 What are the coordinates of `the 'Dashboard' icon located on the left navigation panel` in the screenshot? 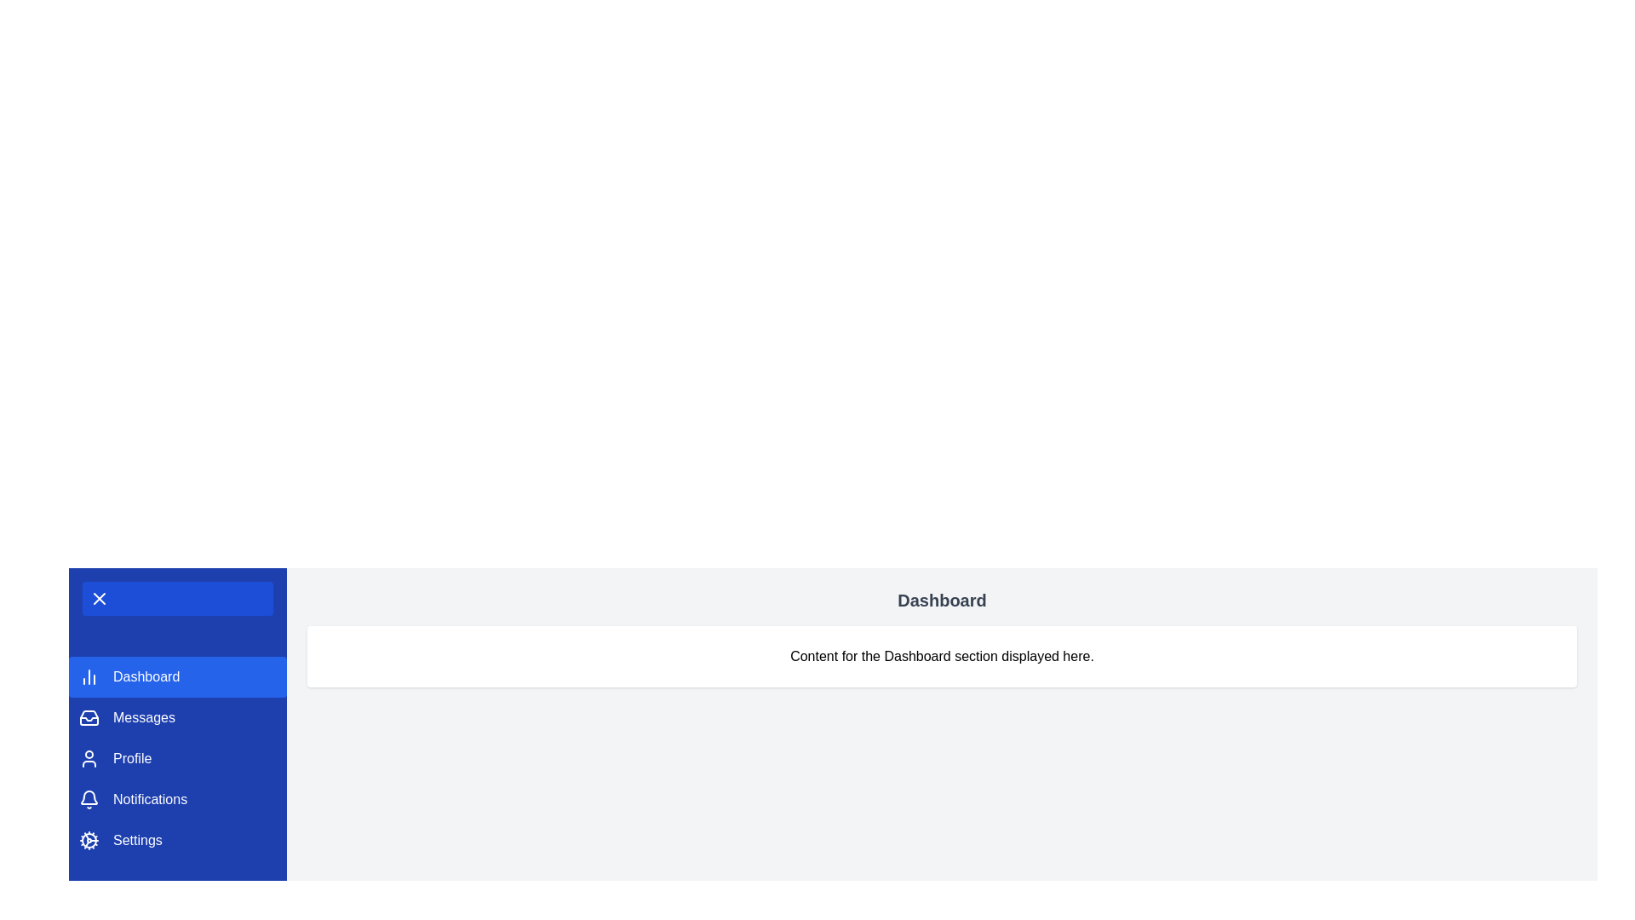 It's located at (89, 676).